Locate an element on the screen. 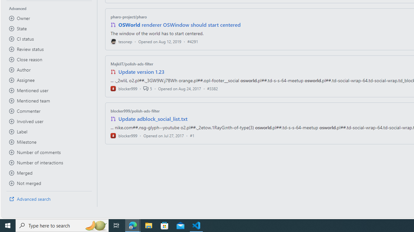 This screenshot has width=414, height=232. 'blocker999/polish-ads-filter' is located at coordinates (135, 110).